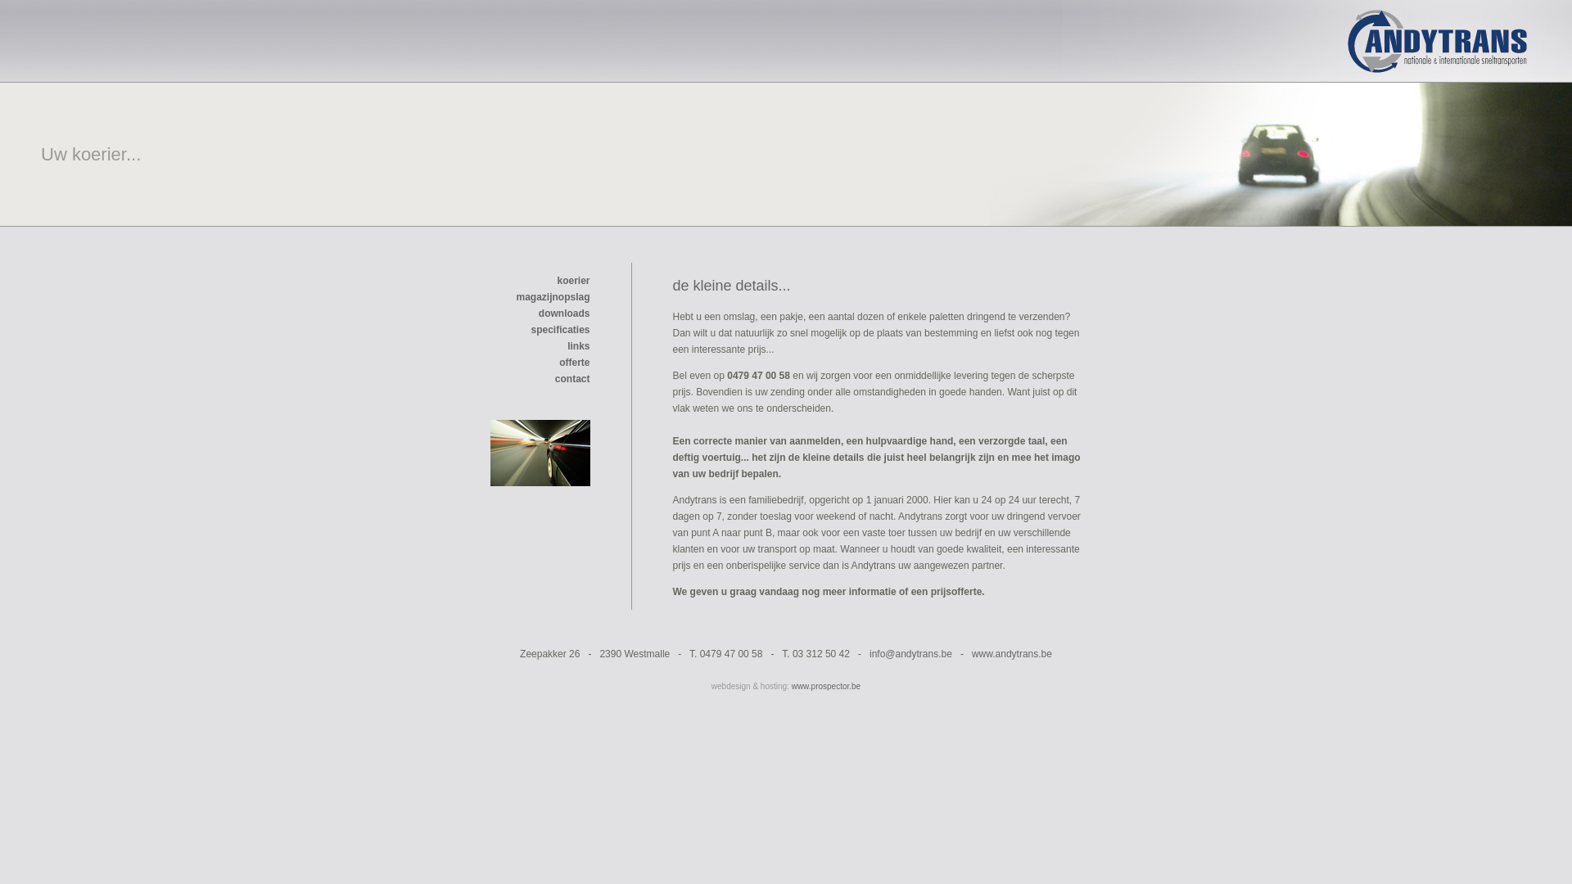 This screenshot has height=884, width=1572. Describe the element at coordinates (574, 362) in the screenshot. I see `'offerte'` at that location.